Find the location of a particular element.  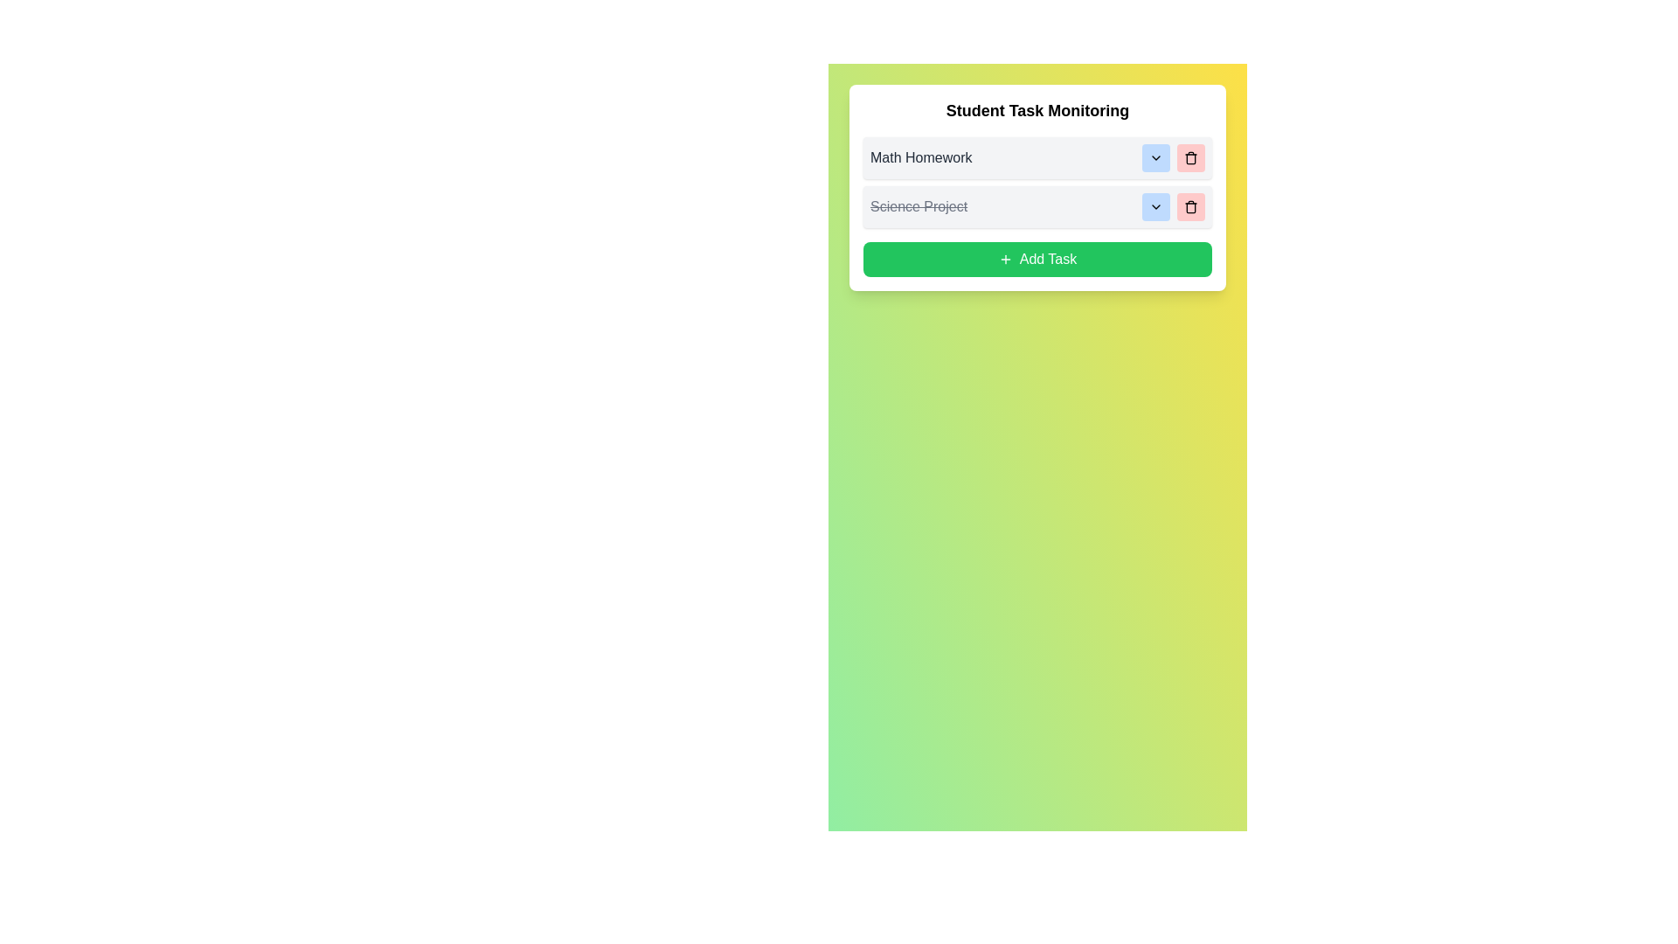

the first task item in the 'Student Task Monitoring' panel is located at coordinates (1037, 158).